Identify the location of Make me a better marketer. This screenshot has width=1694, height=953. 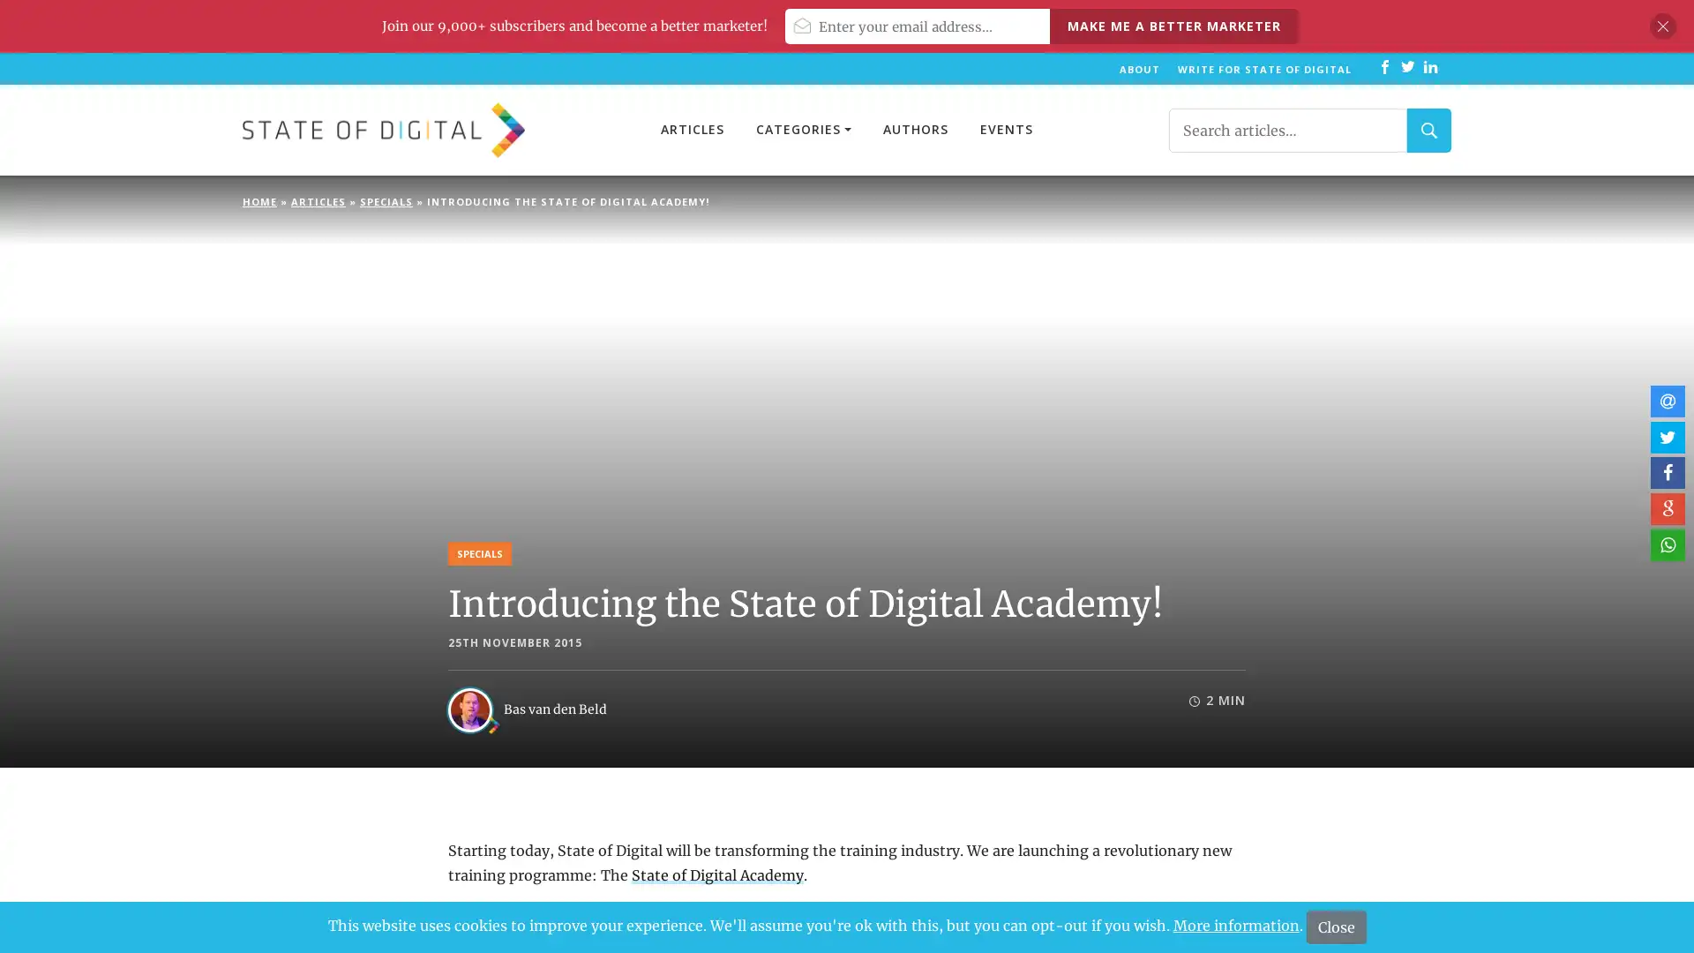
(1173, 26).